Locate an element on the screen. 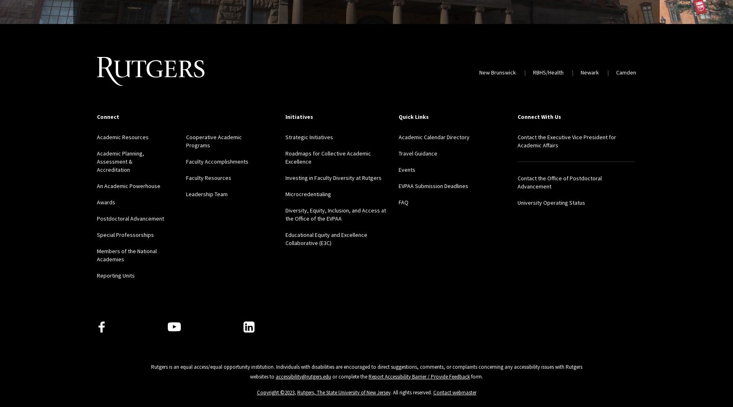  'Faculty Resources' is located at coordinates (208, 178).